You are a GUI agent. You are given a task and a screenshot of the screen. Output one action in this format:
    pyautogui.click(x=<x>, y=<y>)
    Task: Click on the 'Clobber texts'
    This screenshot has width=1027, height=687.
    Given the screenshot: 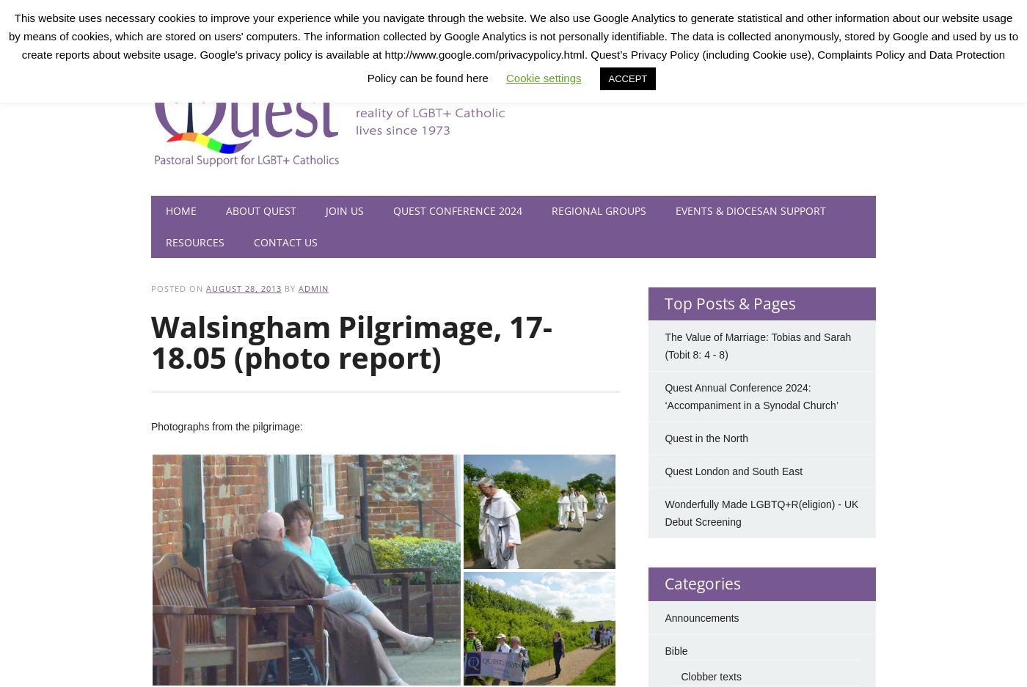 What is the action you would take?
    pyautogui.click(x=710, y=676)
    